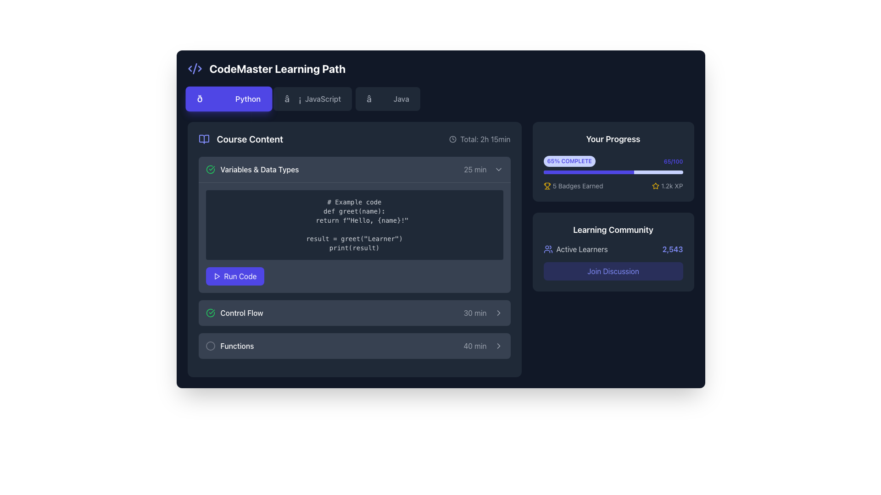  I want to click on the right-facing chevron icon styled in gray, located to the right of the text '25 min', so click(498, 170).